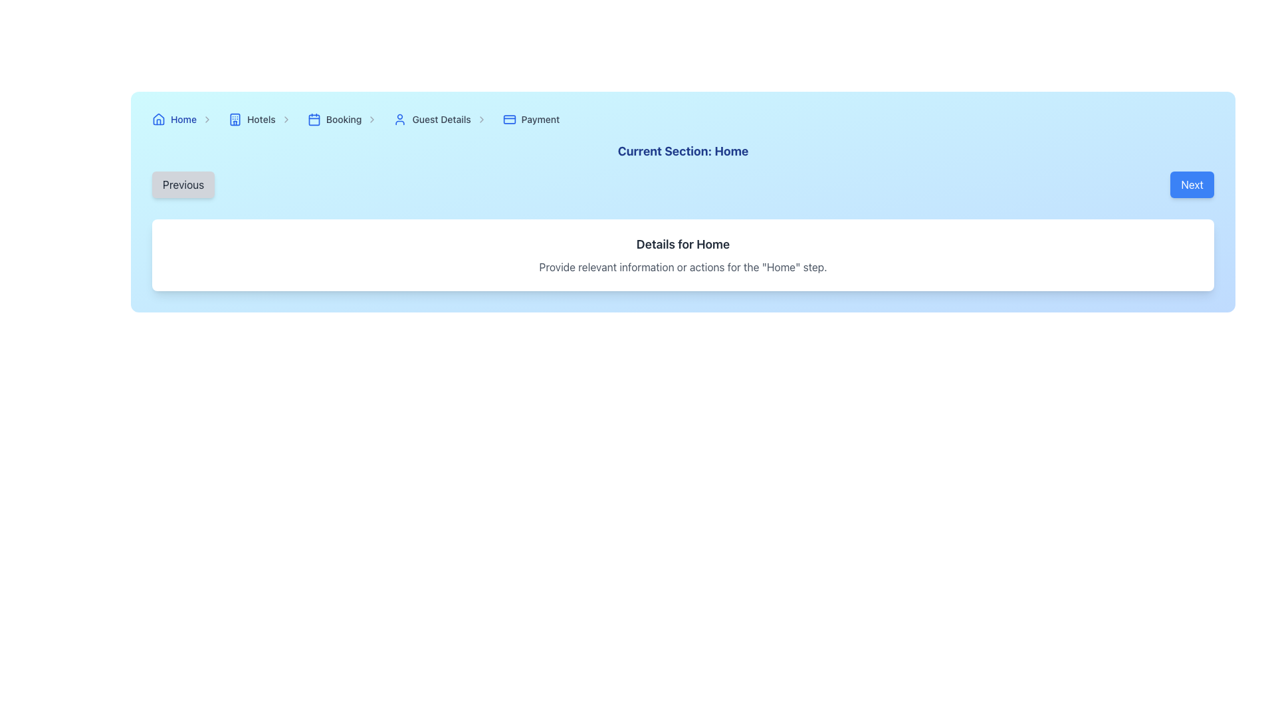  I want to click on the 'Home' hyperlink in the breadcrumb navigation bar, so click(183, 120).